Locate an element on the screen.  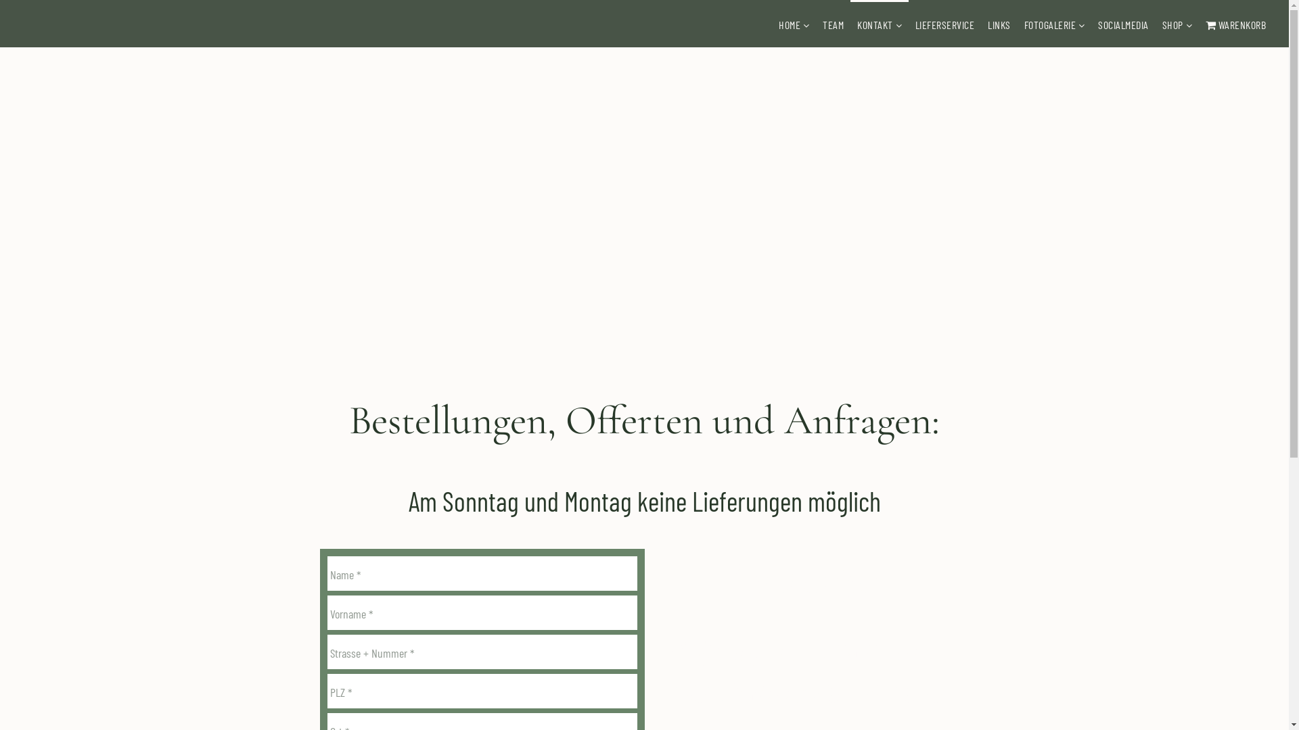
'SOCIALMEDIA' is located at coordinates (1123, 24).